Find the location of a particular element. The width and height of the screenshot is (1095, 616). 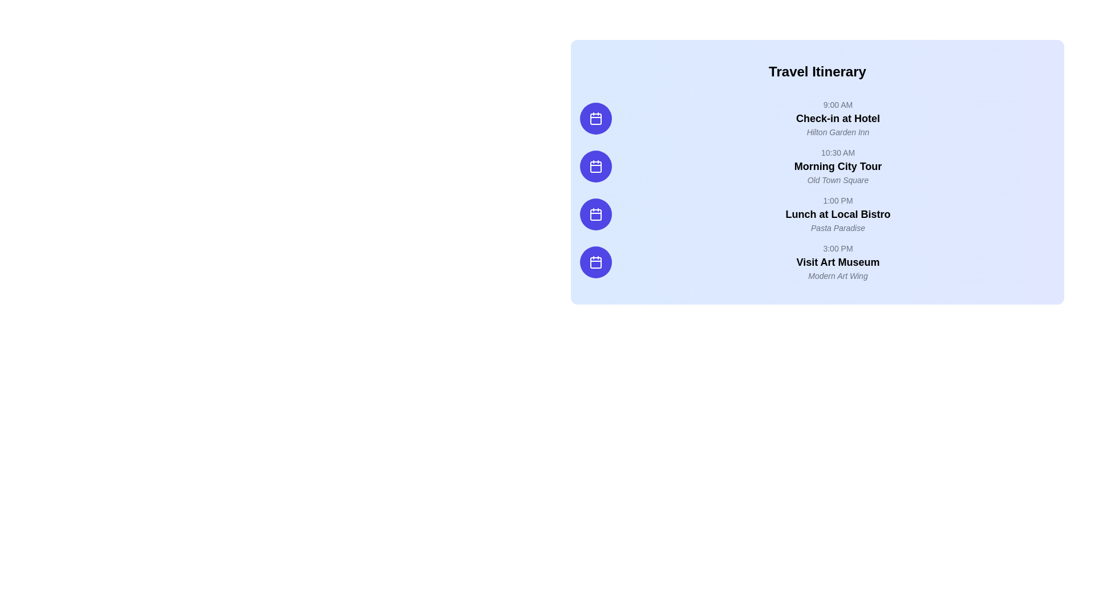

the blue rounded rectangle icon containing a minimalist white calendar icon to associate it with the itinerary item is located at coordinates (595, 119).